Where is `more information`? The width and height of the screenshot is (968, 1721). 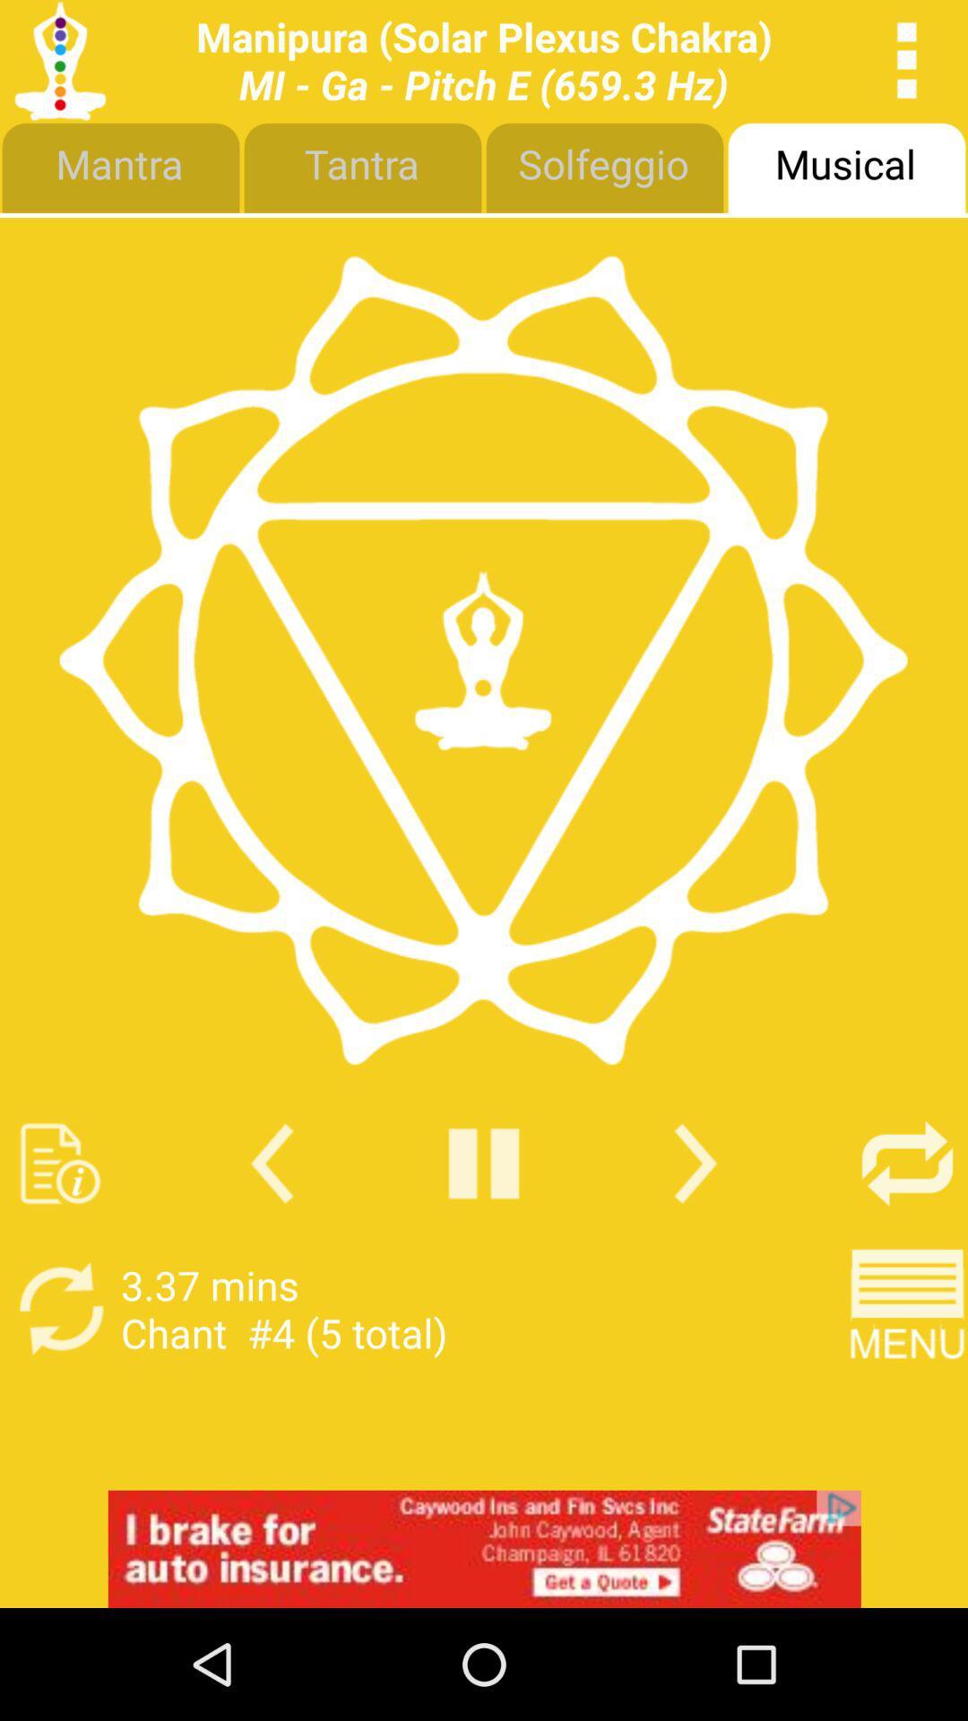 more information is located at coordinates (59, 1163).